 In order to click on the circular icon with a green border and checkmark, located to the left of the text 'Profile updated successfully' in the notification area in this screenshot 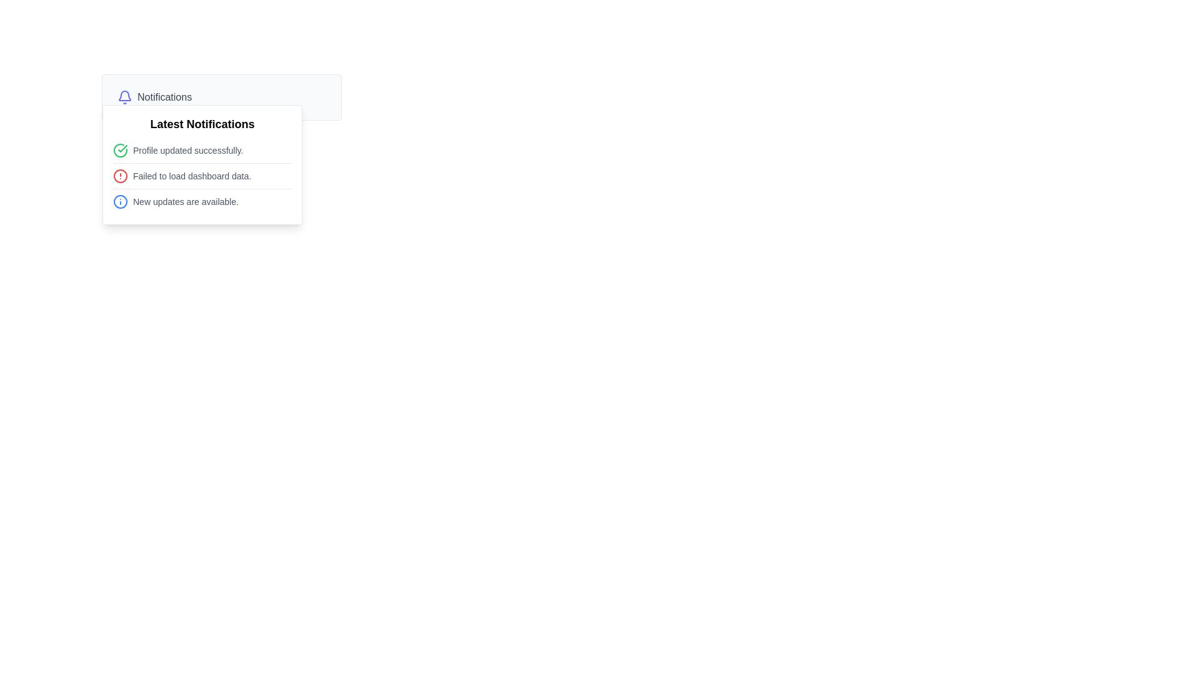, I will do `click(120, 149)`.